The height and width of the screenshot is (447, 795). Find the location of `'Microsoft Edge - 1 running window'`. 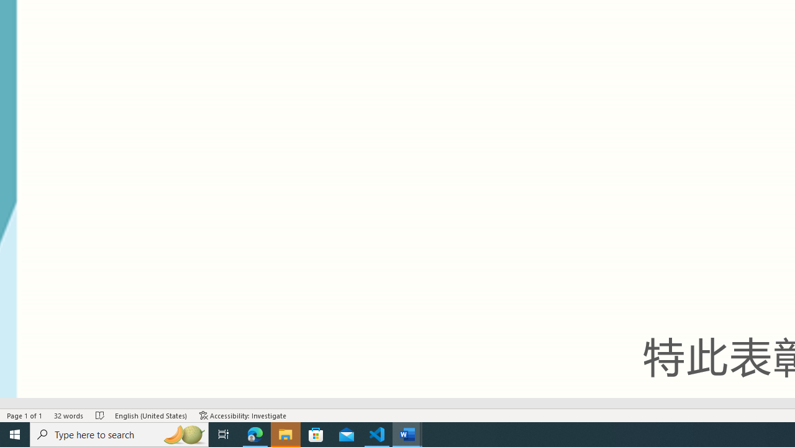

'Microsoft Edge - 1 running window' is located at coordinates (255, 433).